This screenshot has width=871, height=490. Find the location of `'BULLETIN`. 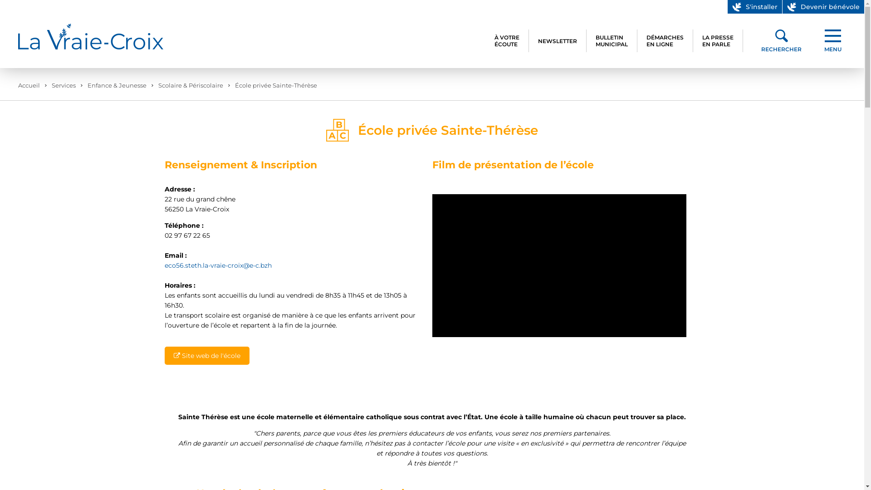

'BULLETIN is located at coordinates (586, 40).